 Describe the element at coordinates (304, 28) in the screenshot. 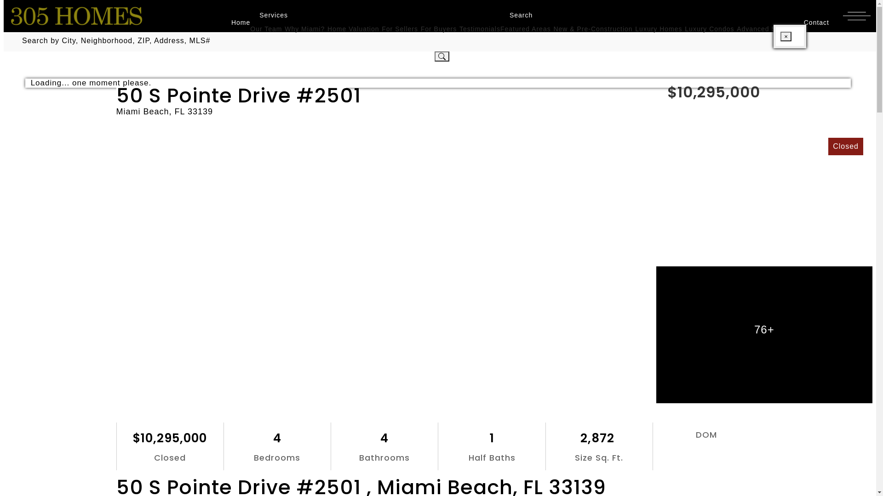

I see `'Why Miami?'` at that location.